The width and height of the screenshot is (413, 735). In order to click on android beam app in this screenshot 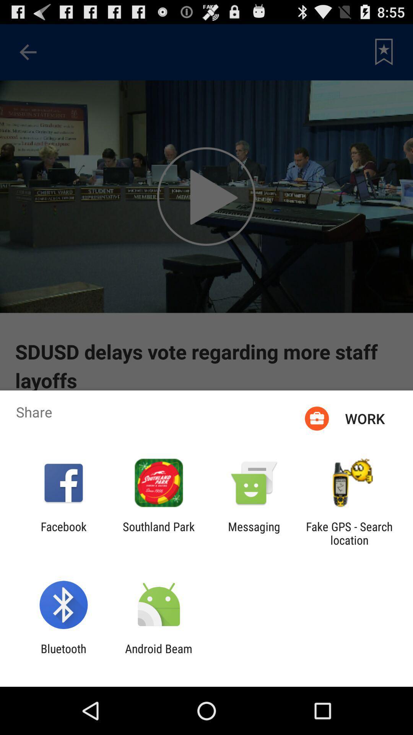, I will do `click(158, 655)`.